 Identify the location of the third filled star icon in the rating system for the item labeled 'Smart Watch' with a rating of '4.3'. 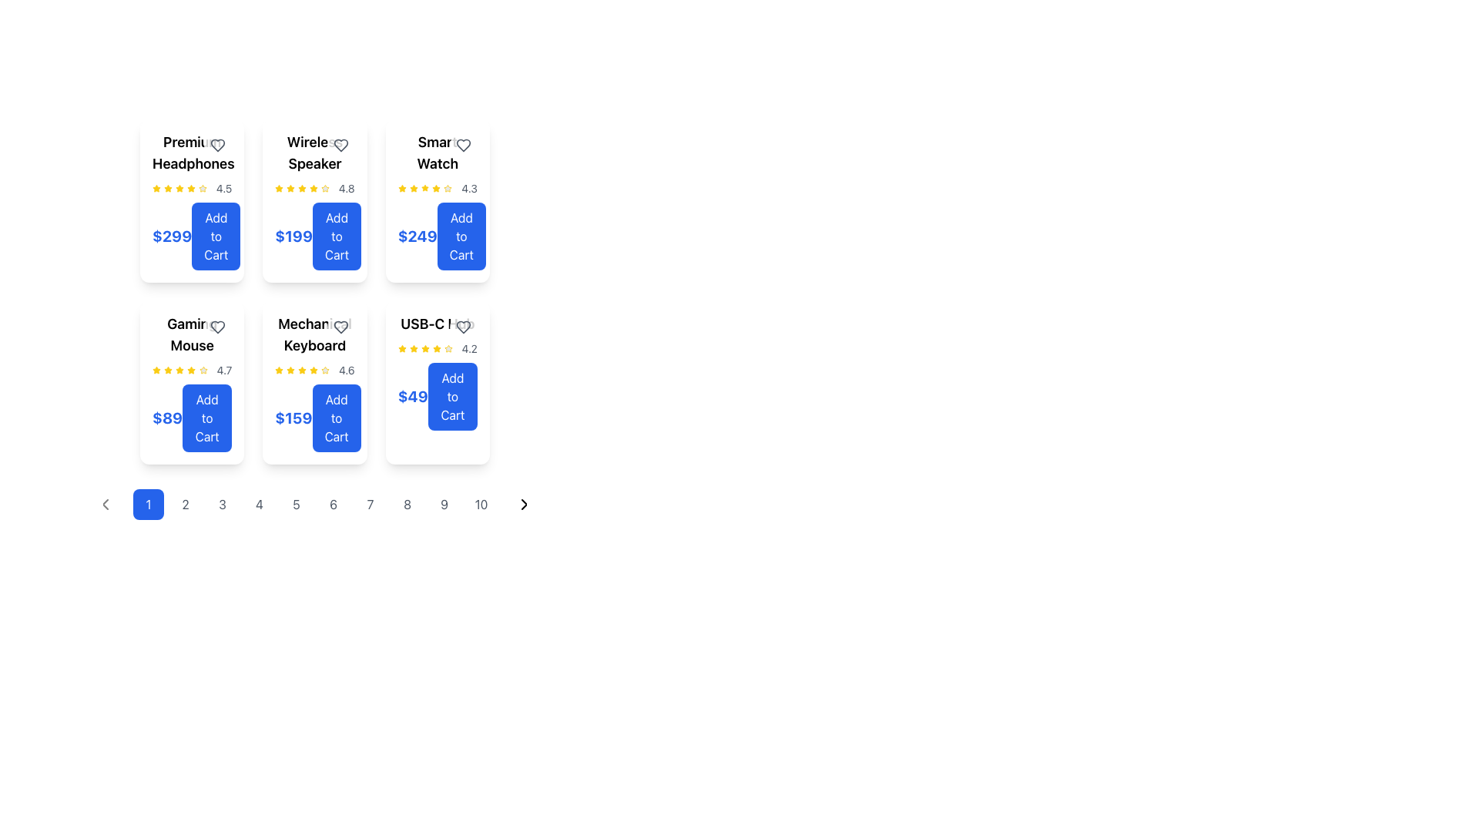
(414, 188).